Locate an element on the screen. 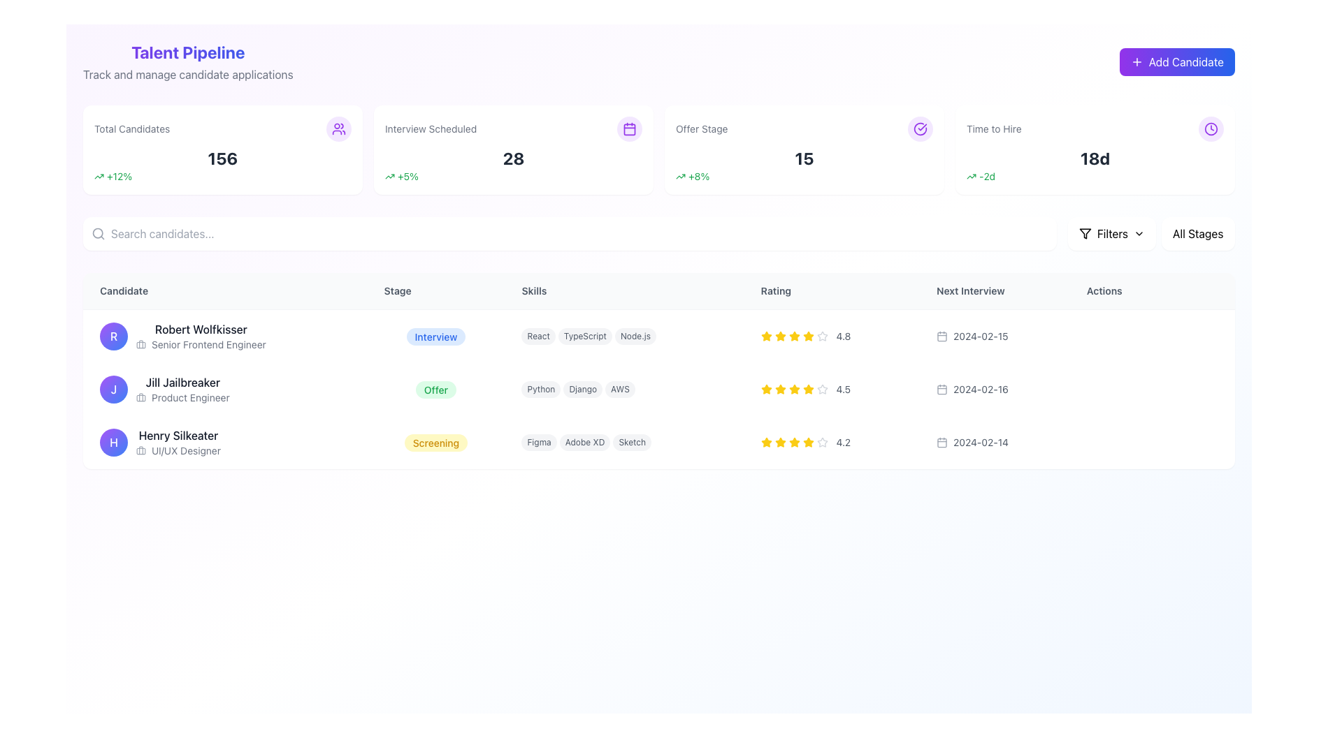 This screenshot has height=754, width=1342. the icon representing a positive trend, located to the left of the '+12%' text in the top-left section of the candidate total card is located at coordinates (99, 176).